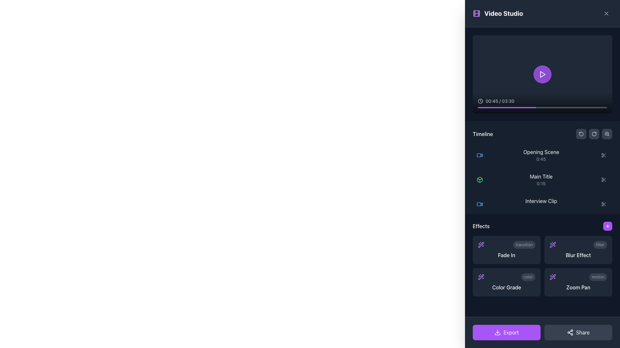  I want to click on the 'Fade In' effect tile located in the Effects section of the video editing layout, so click(506, 249).